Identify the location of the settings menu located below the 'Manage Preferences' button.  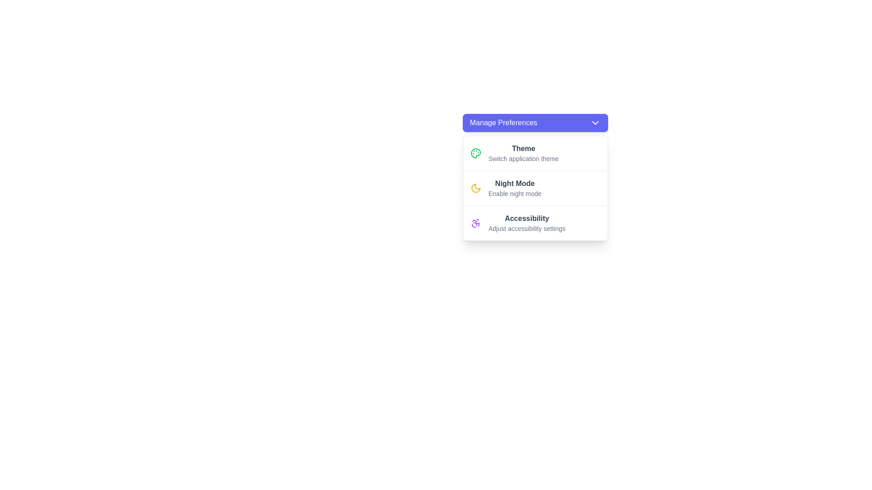
(535, 188).